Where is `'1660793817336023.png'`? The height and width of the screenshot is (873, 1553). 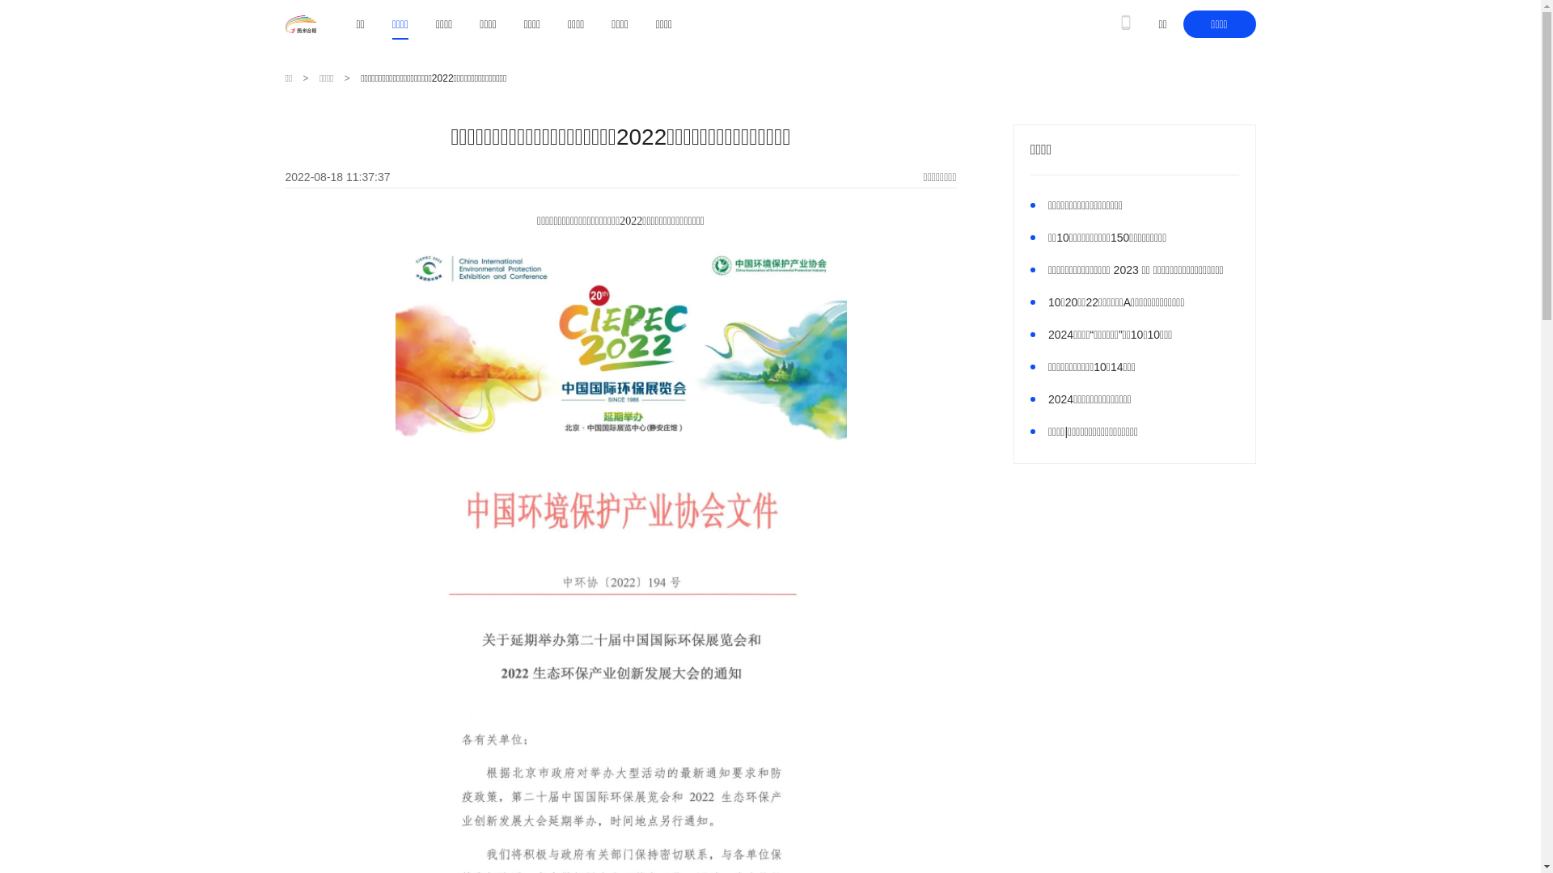 '1660793817336023.png' is located at coordinates (620, 344).